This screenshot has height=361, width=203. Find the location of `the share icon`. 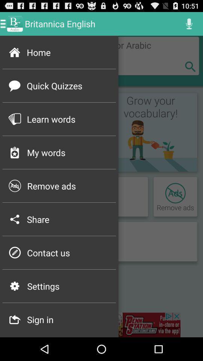

the share icon is located at coordinates (69, 219).